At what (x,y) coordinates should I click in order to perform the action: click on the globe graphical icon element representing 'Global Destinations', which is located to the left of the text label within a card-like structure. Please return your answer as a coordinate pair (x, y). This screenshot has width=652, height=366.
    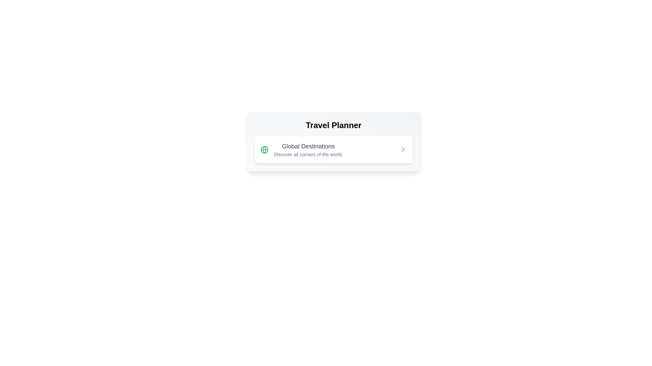
    Looking at the image, I should click on (264, 149).